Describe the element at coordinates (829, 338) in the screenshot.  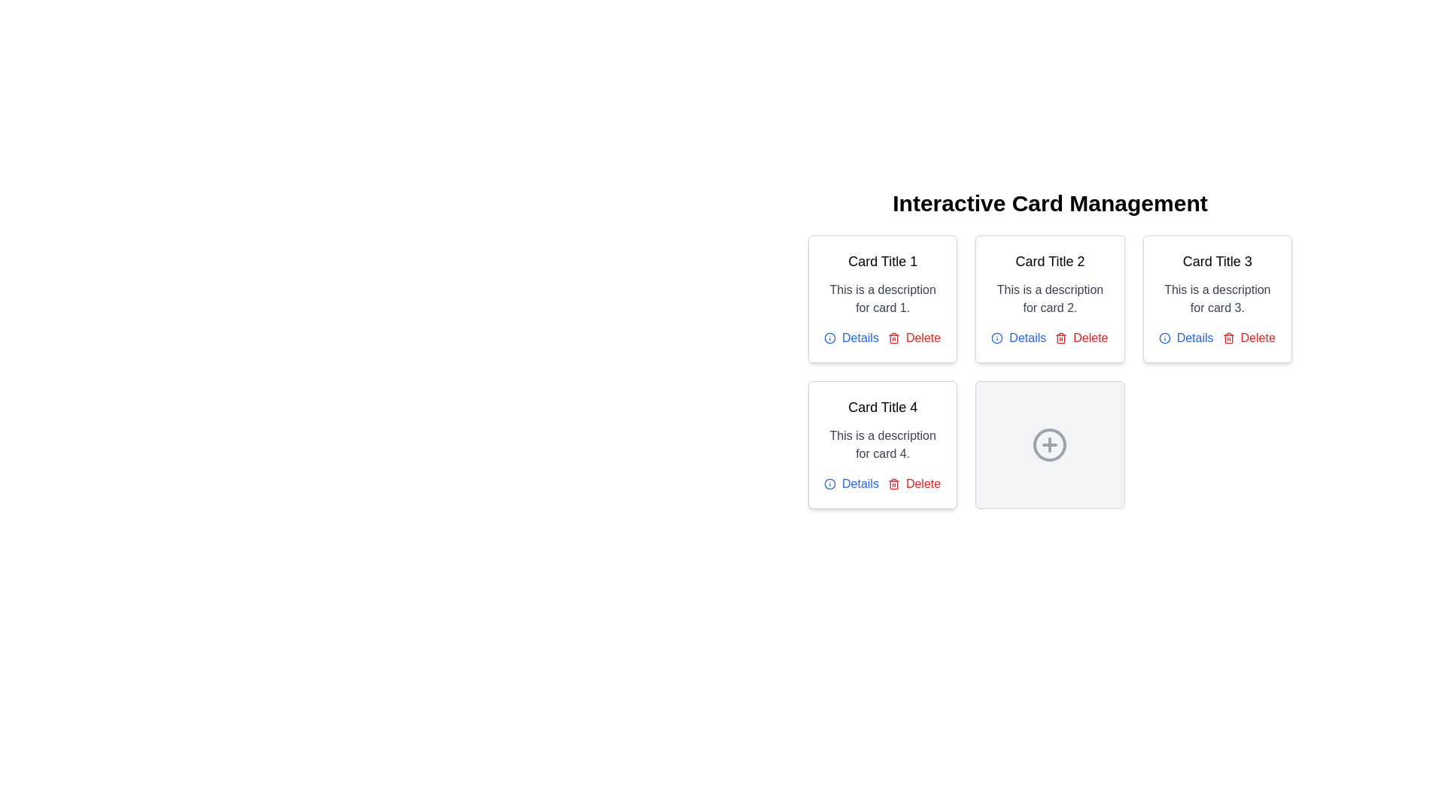
I see `the circular icon component styled with a blue stroke located below the first card in the second row of the grid layout` at that location.